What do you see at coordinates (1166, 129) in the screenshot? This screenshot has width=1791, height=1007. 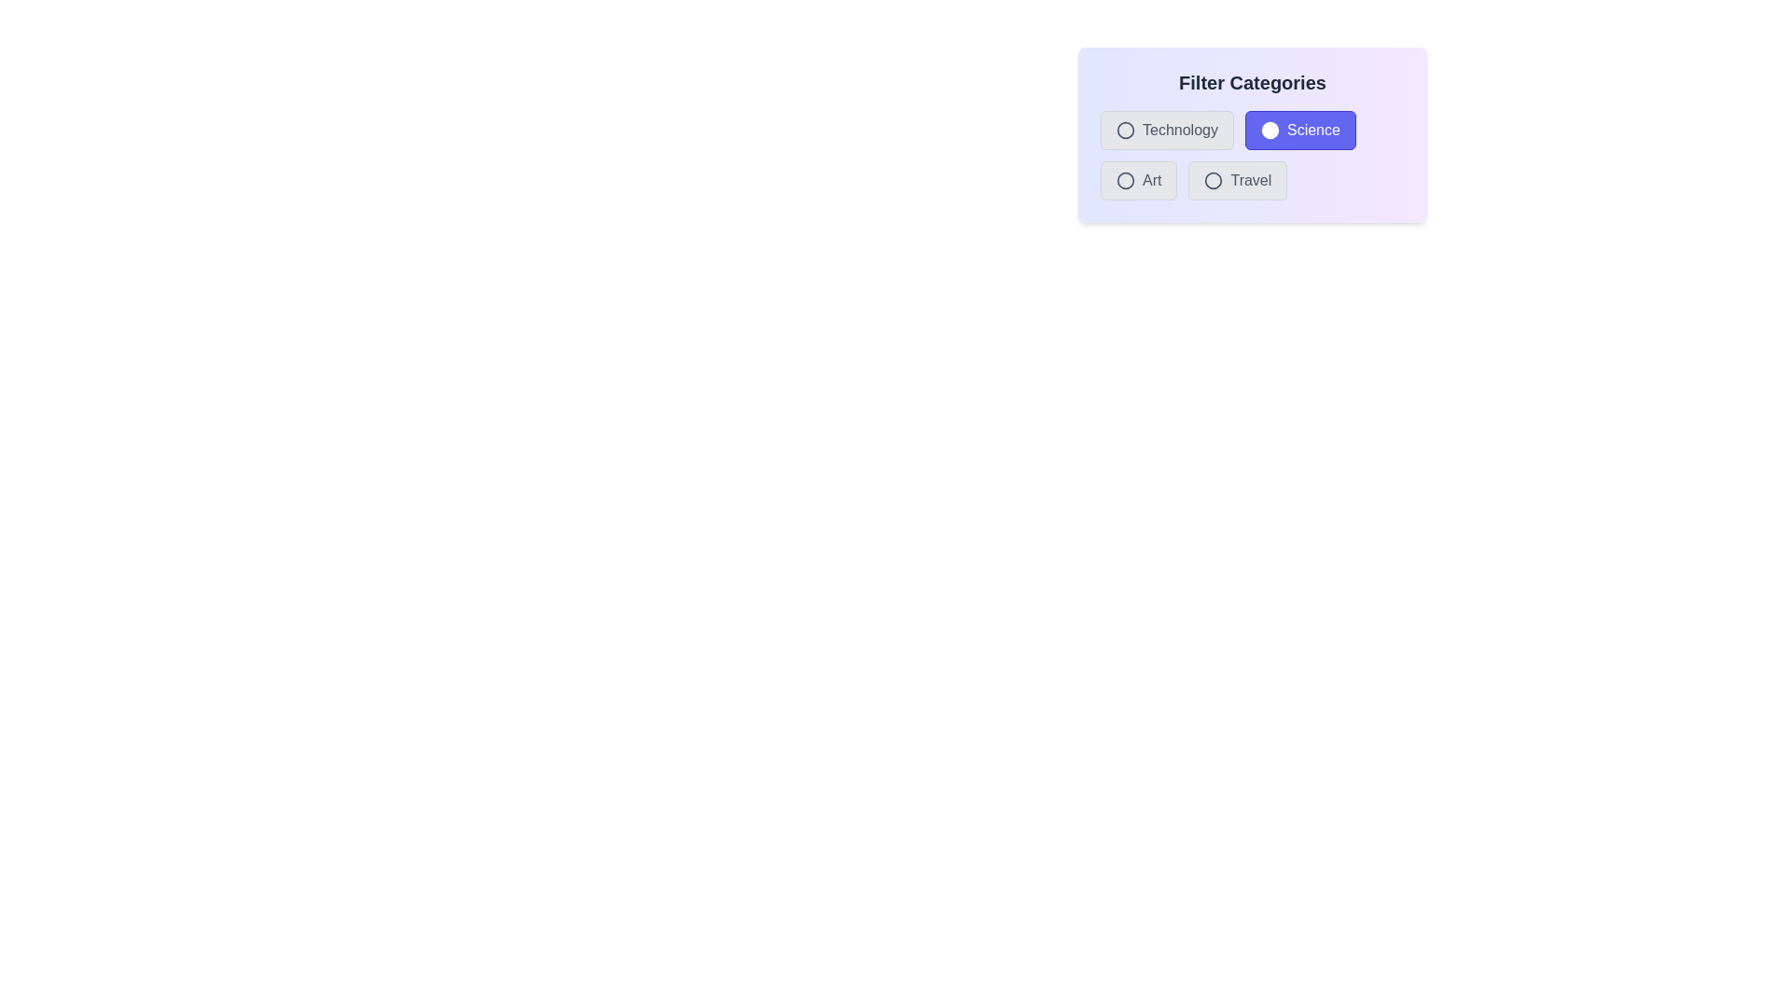 I see `the category name text` at bounding box center [1166, 129].